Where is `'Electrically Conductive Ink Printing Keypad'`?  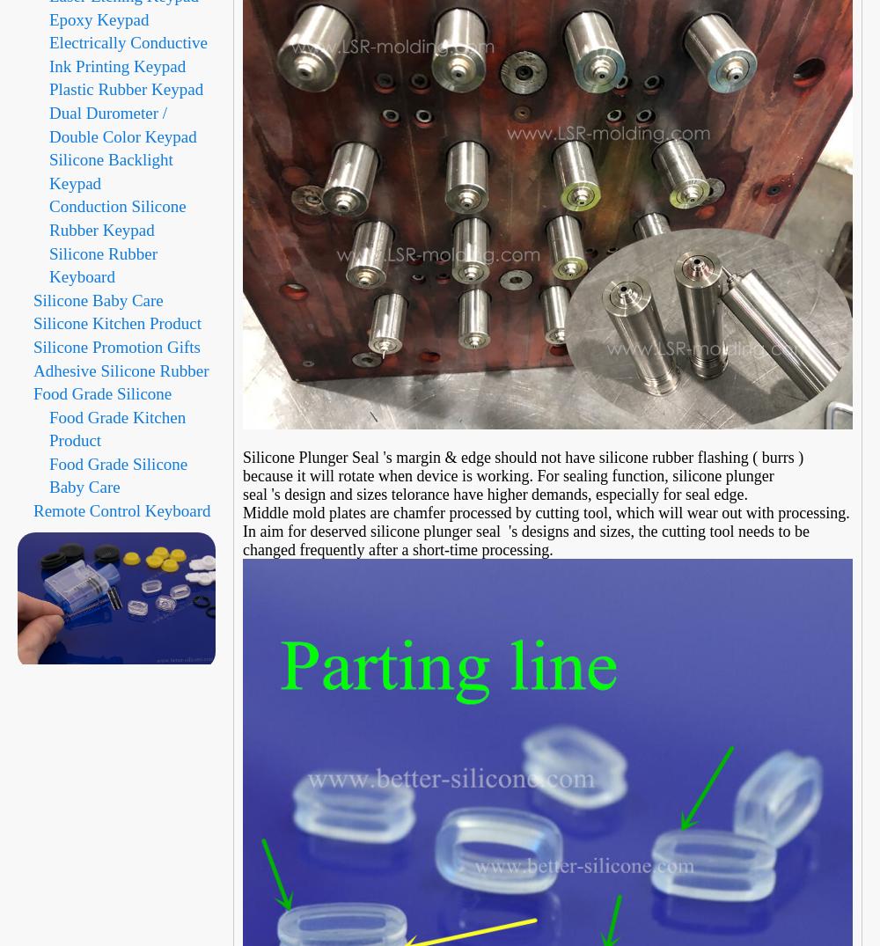
'Electrically Conductive Ink Printing Keypad' is located at coordinates (128, 54).